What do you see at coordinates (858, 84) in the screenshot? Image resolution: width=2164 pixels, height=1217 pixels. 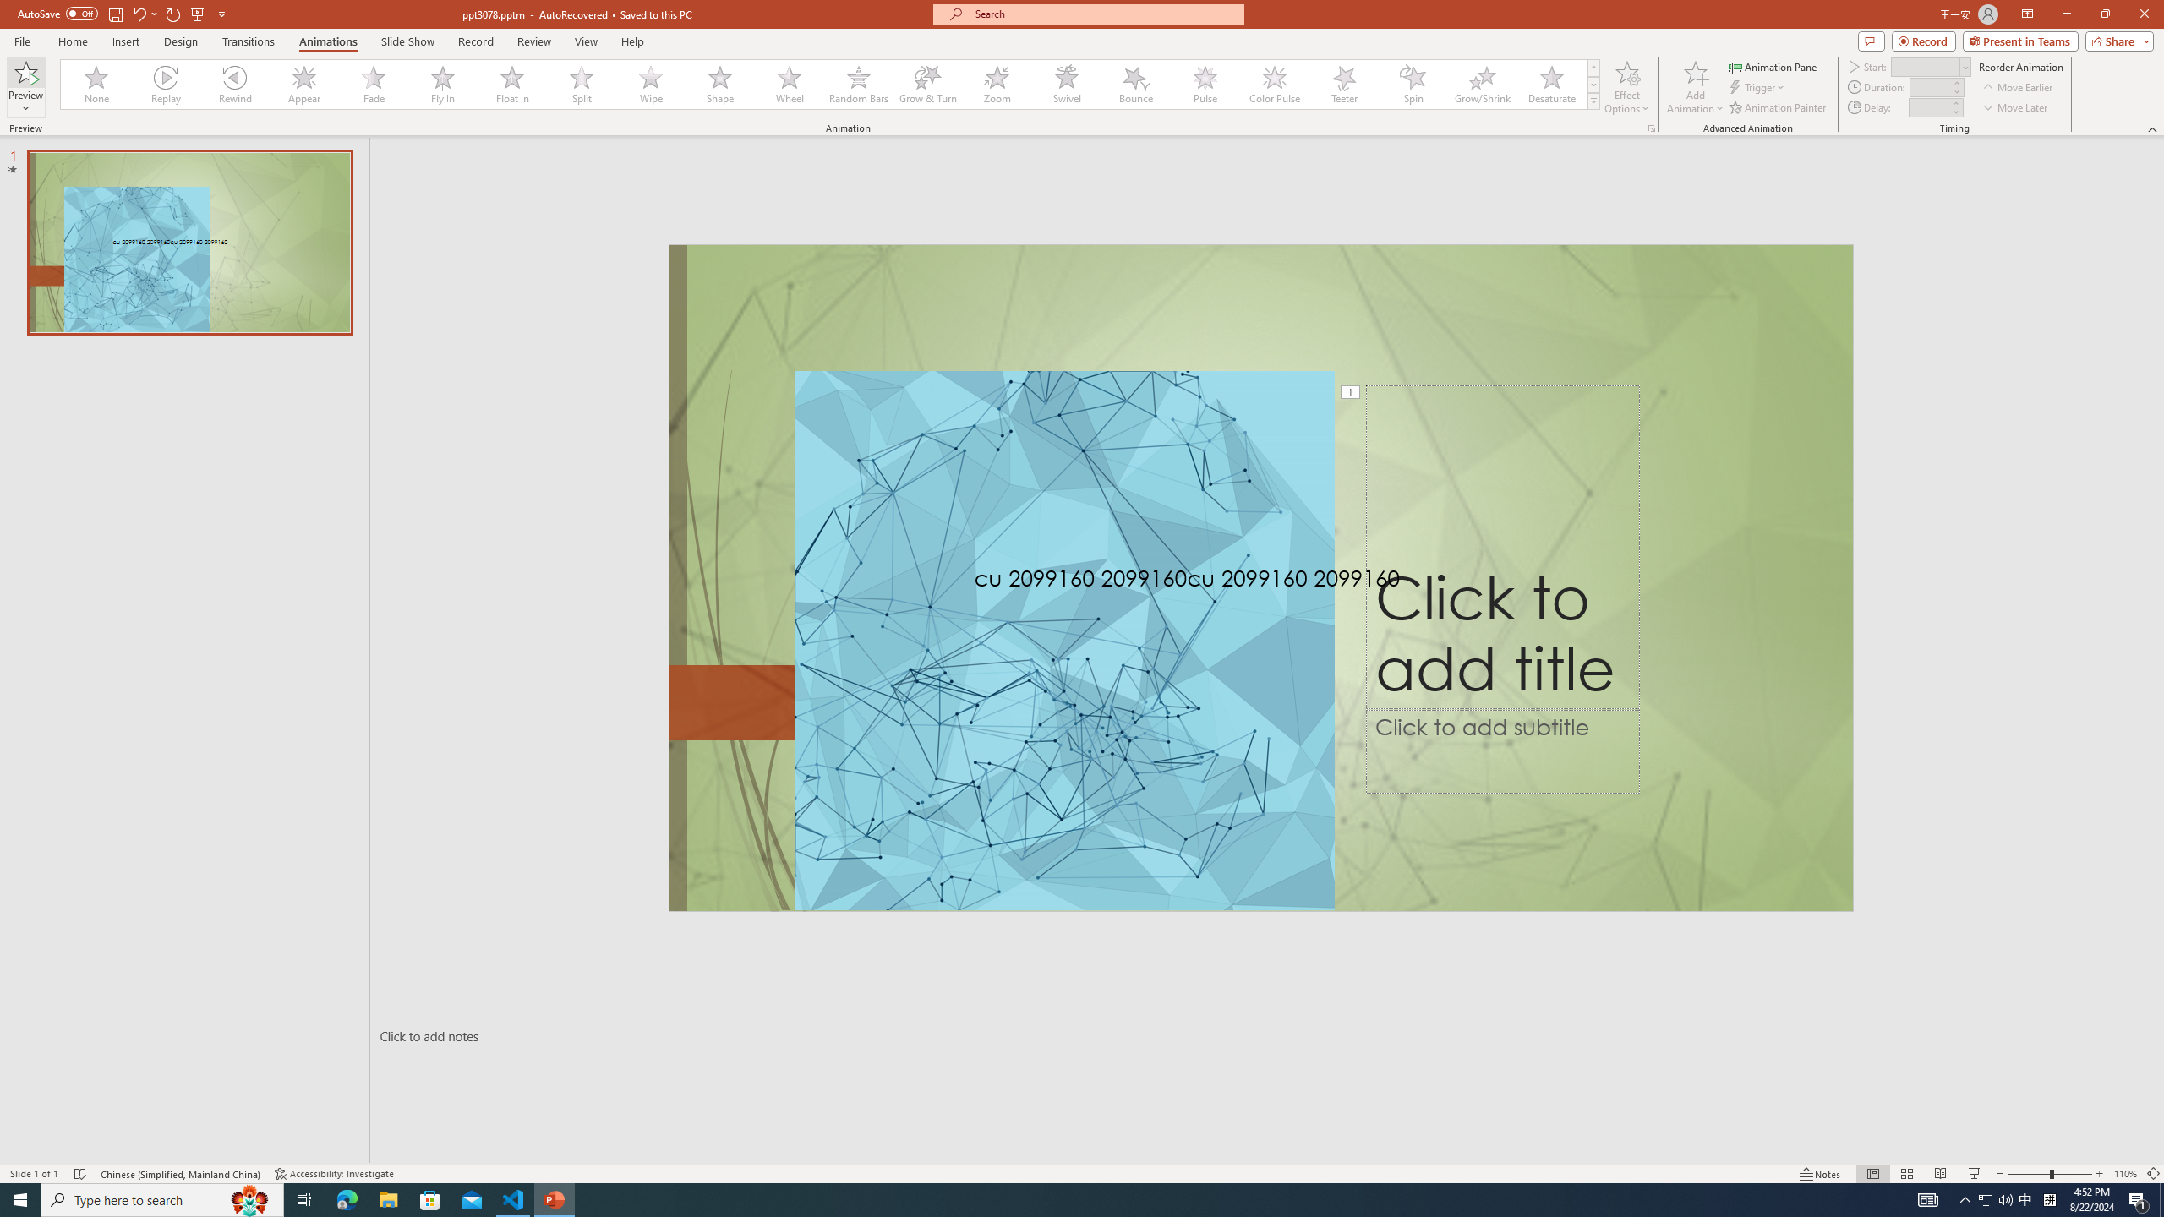 I see `'Random Bars'` at bounding box center [858, 84].